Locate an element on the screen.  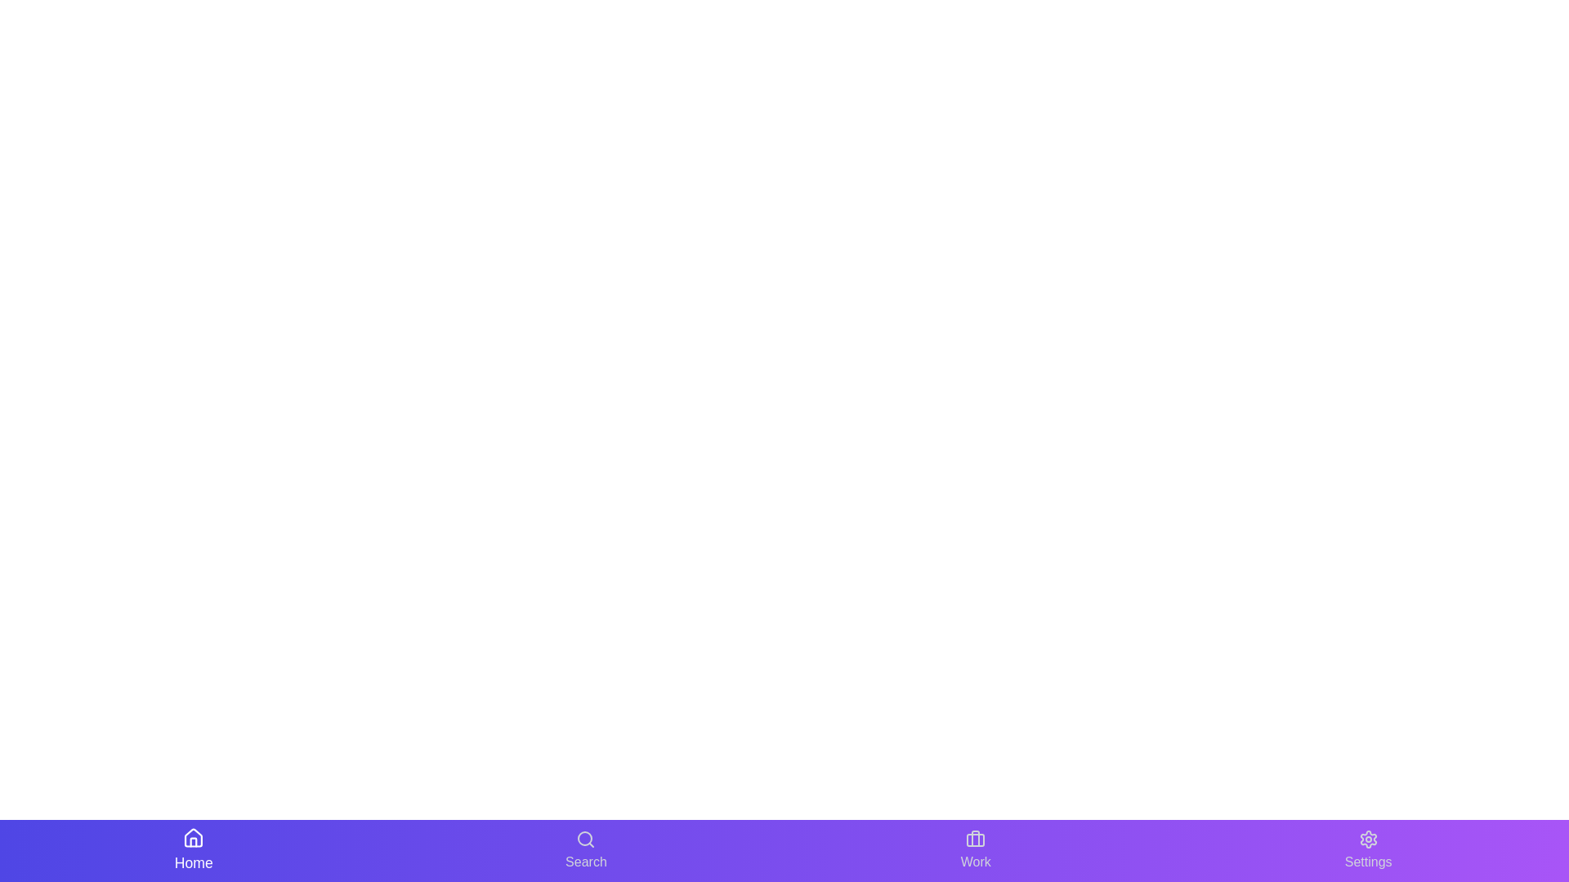
the Home button to navigate to the respective section is located at coordinates (194, 849).